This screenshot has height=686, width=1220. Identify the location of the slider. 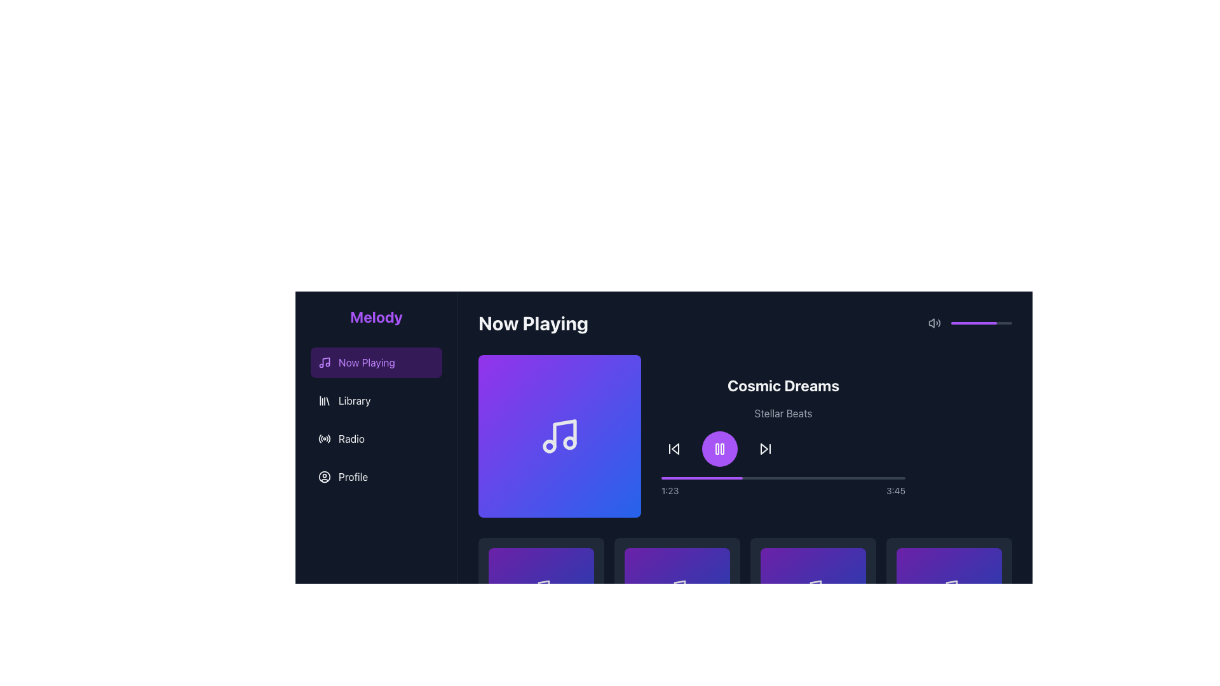
(986, 323).